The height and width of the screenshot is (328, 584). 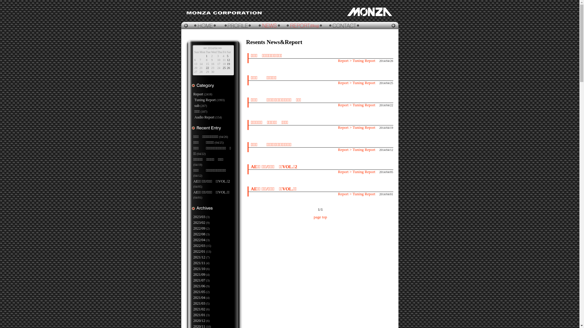 I want to click on '2021/02', so click(x=199, y=309).